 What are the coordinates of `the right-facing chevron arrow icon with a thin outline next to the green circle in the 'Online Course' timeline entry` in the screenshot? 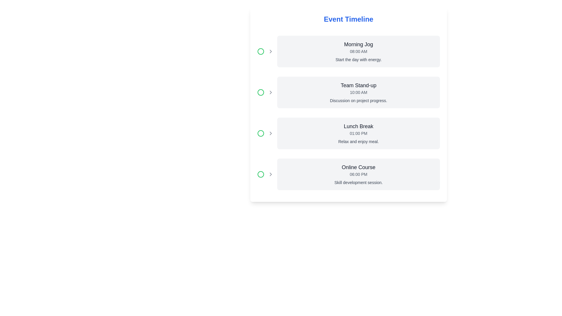 It's located at (270, 174).